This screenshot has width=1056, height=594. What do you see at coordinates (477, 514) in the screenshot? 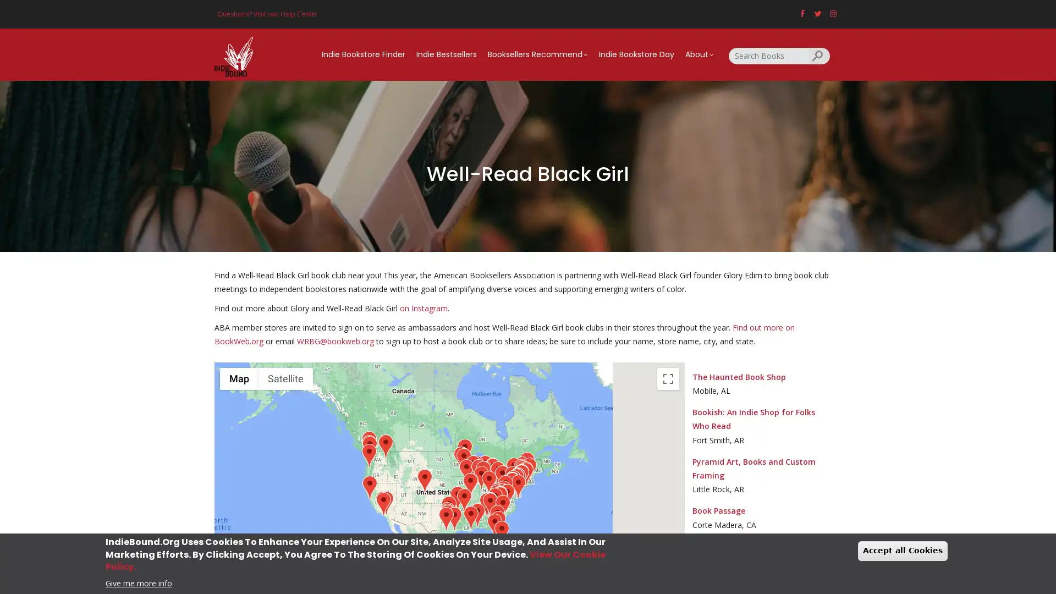
I see `The Haunted Book Shop` at bounding box center [477, 514].